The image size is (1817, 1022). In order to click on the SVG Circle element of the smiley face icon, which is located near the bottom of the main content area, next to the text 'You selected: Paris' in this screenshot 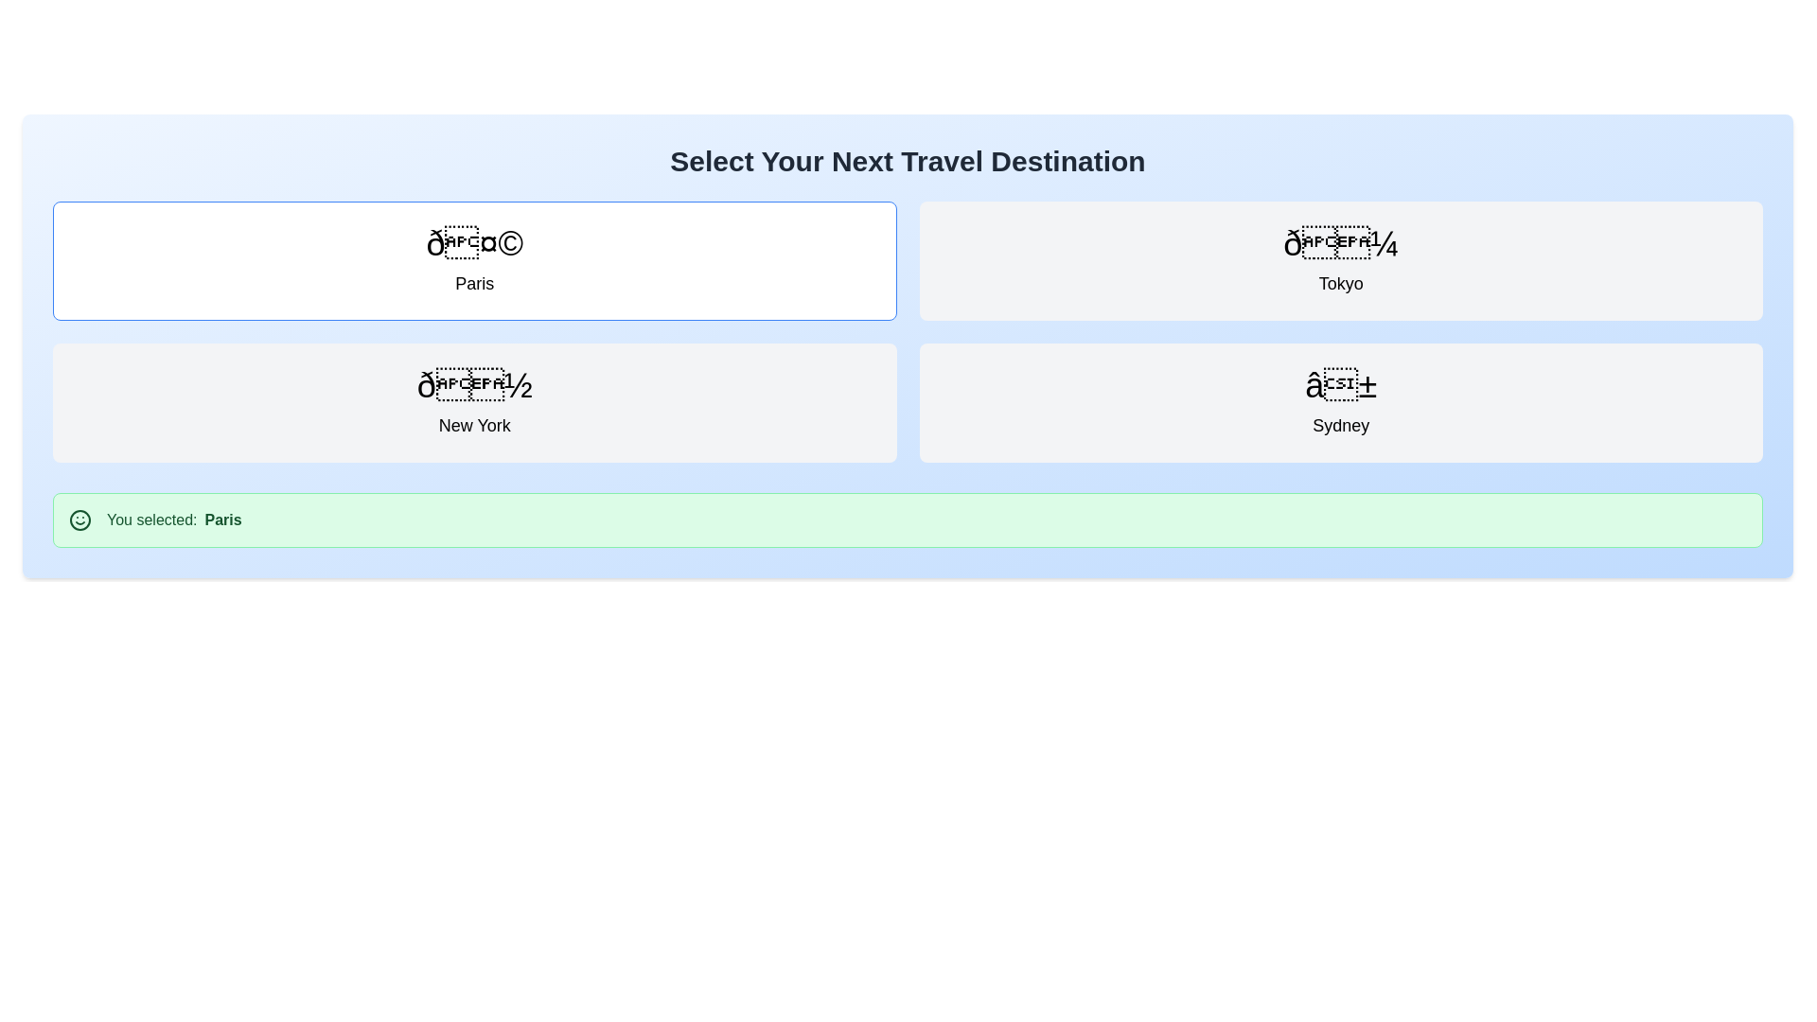, I will do `click(79, 520)`.